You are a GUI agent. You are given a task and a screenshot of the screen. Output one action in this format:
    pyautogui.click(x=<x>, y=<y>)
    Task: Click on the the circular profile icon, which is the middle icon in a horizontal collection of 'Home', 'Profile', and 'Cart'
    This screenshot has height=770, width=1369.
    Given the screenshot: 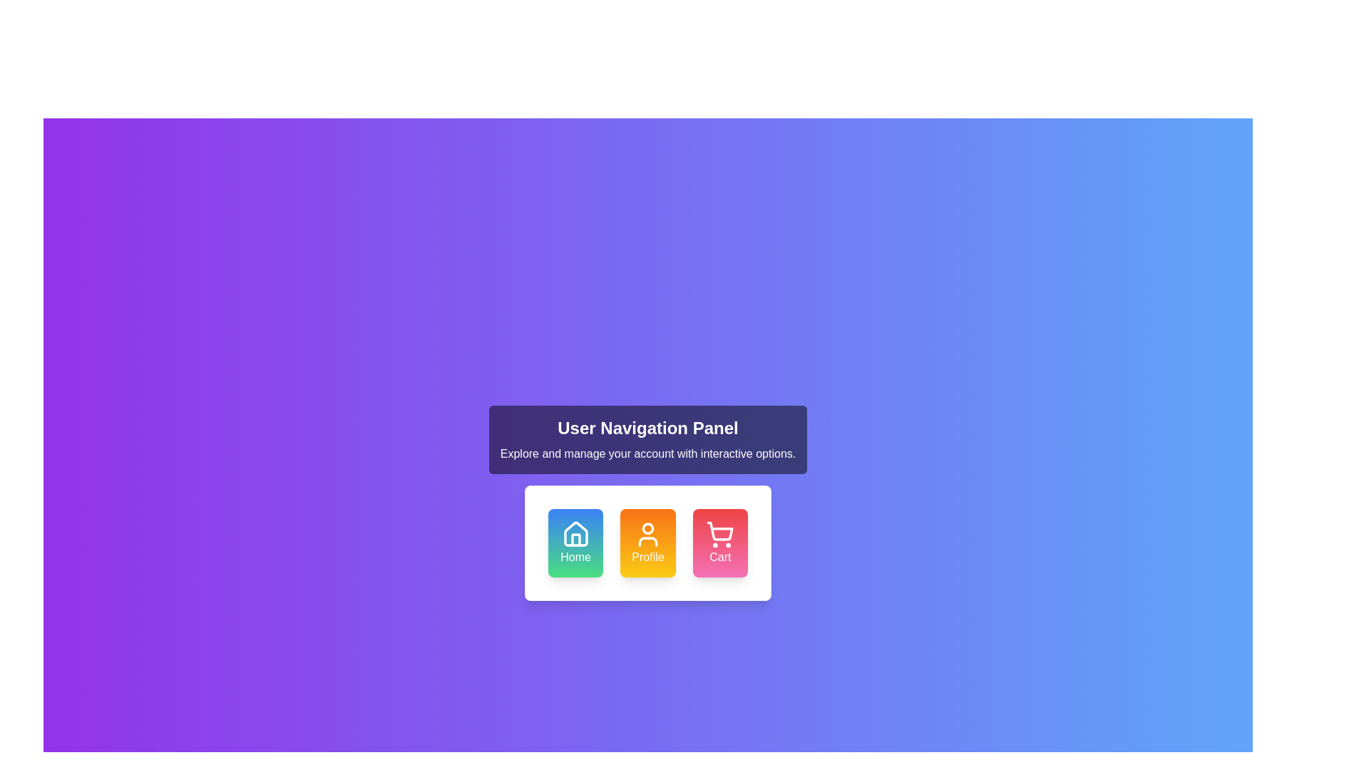 What is the action you would take?
    pyautogui.click(x=647, y=528)
    